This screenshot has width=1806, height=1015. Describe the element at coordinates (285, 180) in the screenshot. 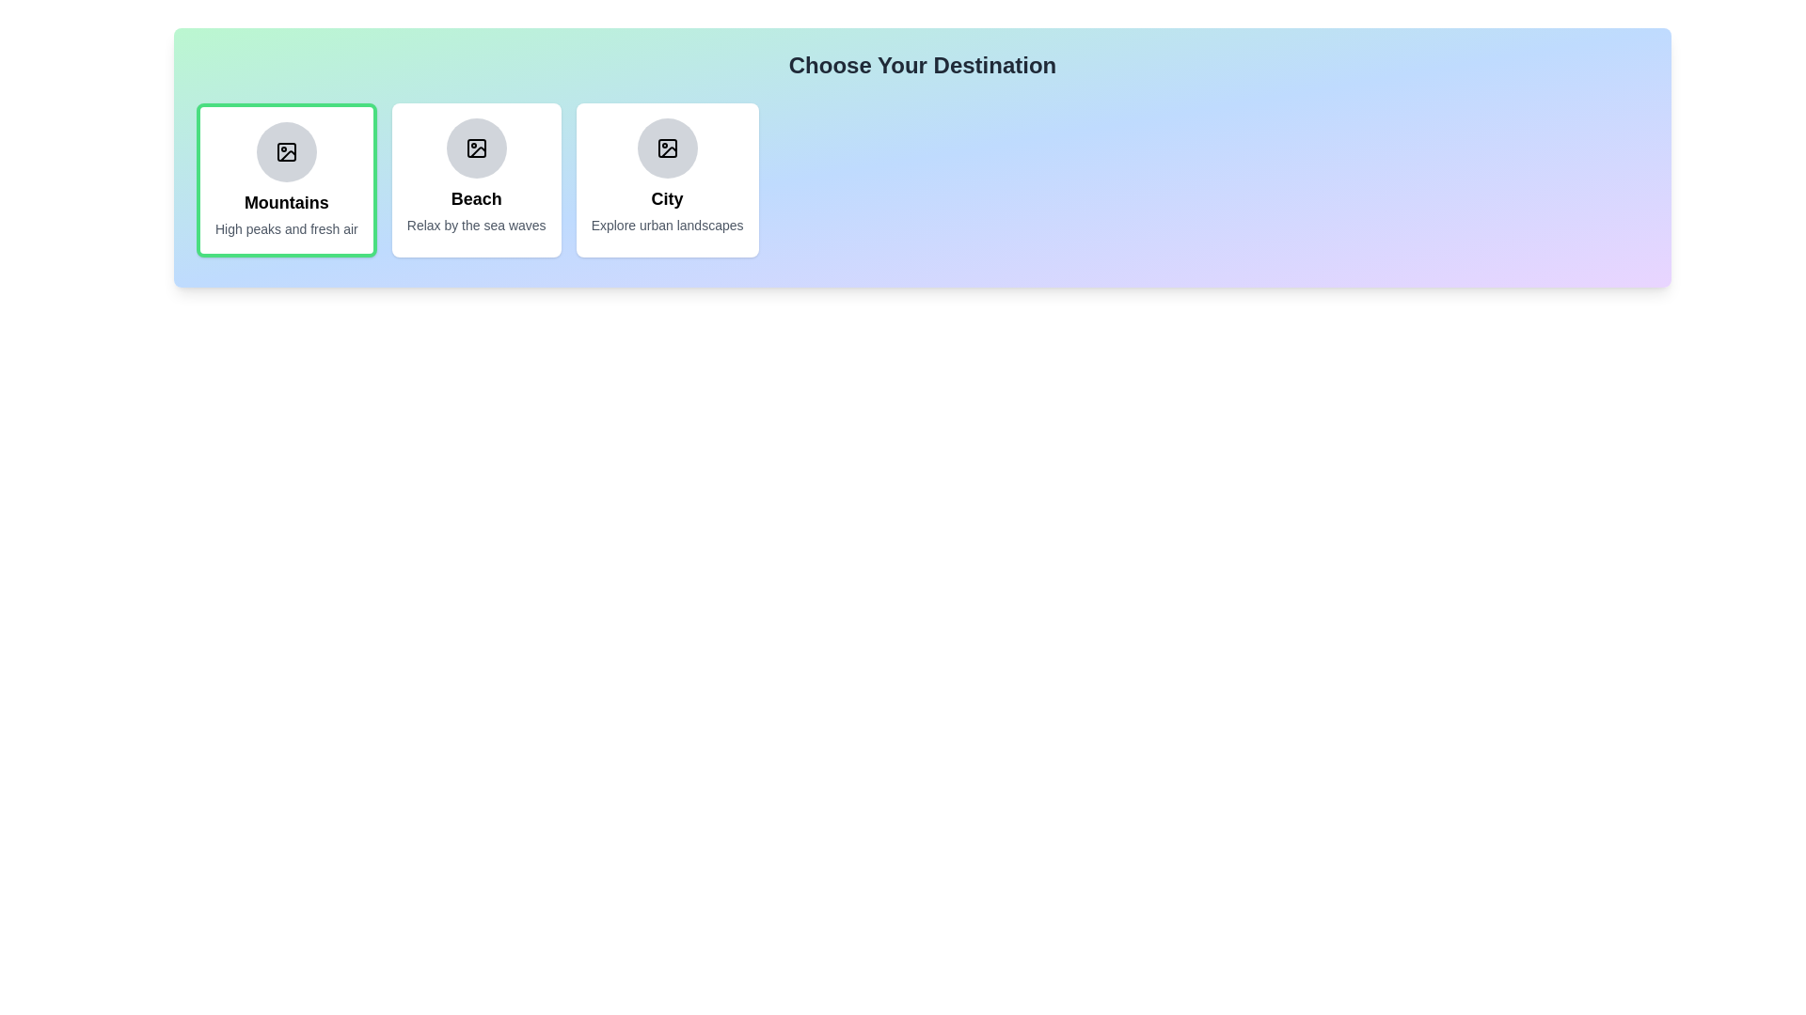

I see `the destination chip labeled 'Mountains'` at that location.